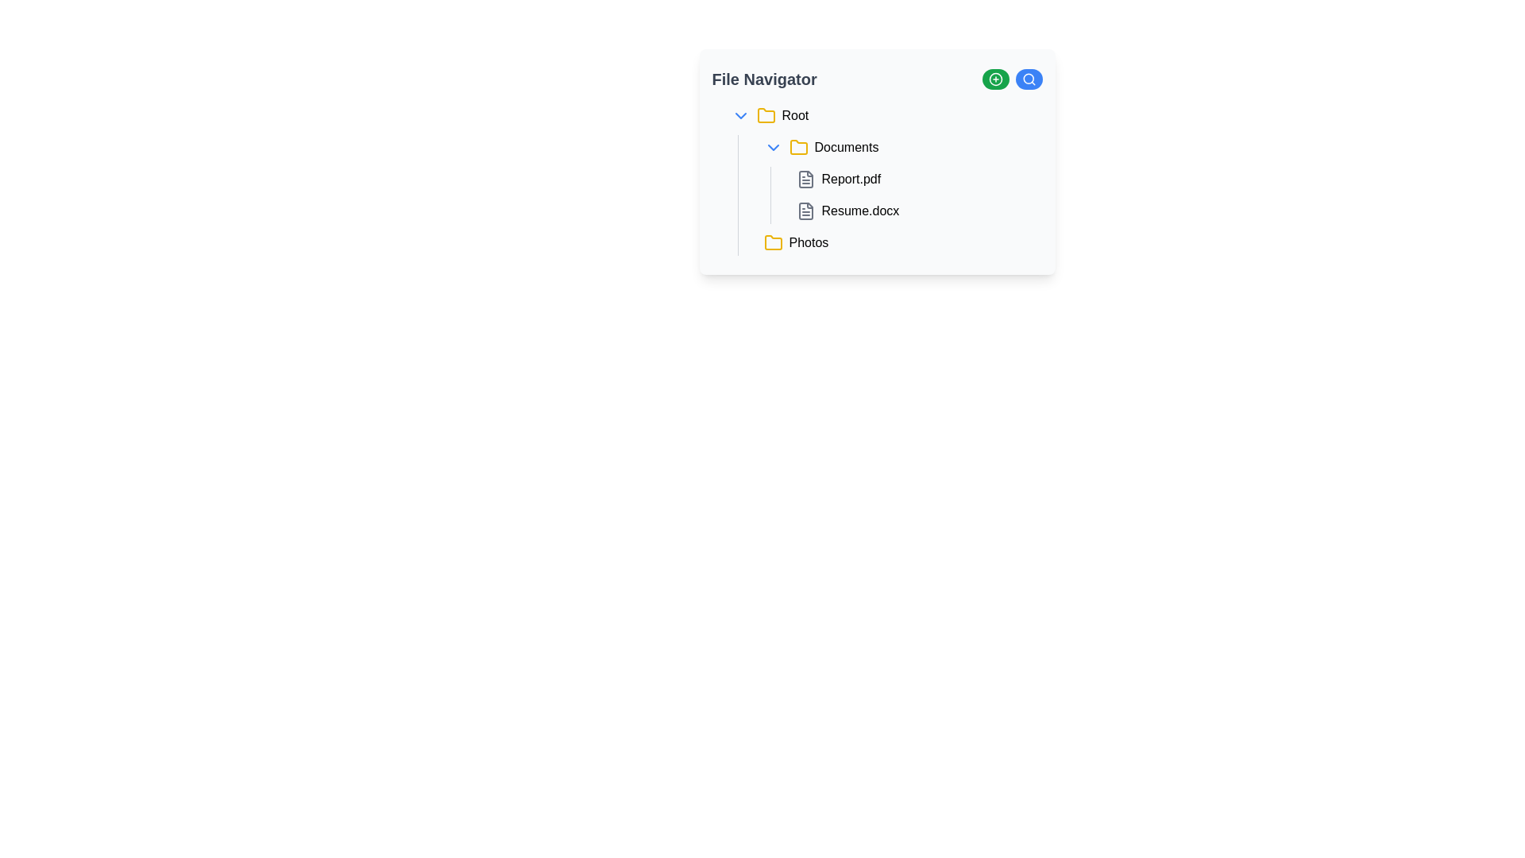 This screenshot has height=858, width=1525. I want to click on the yellow folder icon located next to the 'Root' text label, so click(766, 114).